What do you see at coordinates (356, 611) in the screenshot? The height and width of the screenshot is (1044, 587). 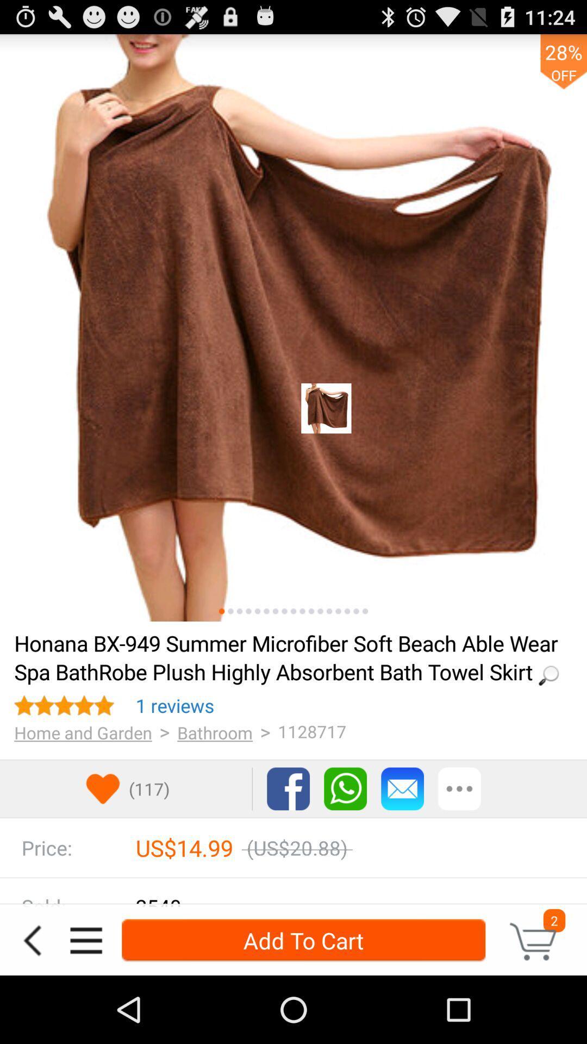 I see `photo` at bounding box center [356, 611].